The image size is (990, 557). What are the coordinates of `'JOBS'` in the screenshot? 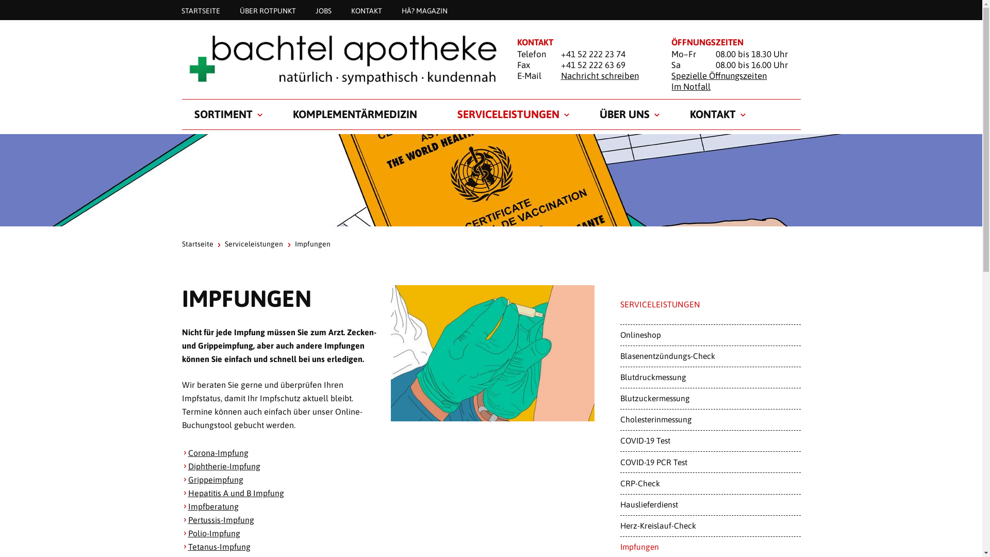 It's located at (322, 10).